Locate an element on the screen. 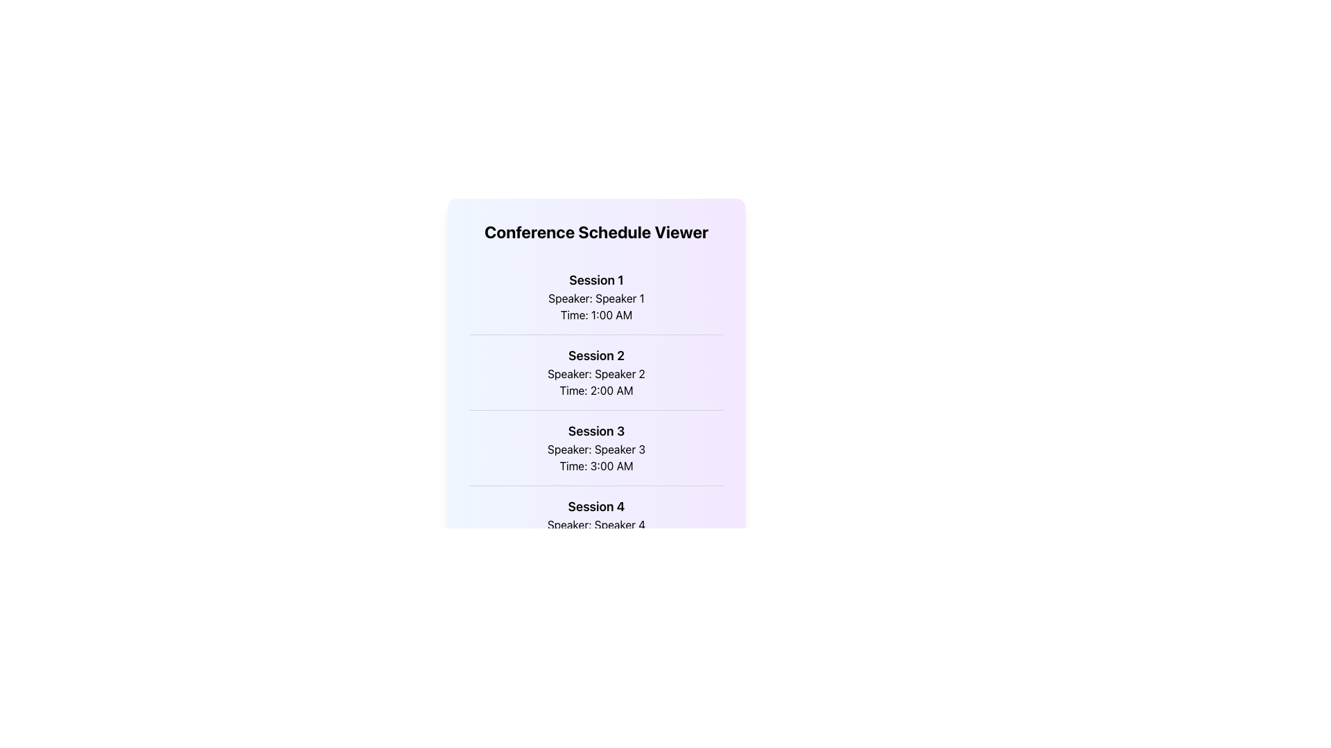 This screenshot has width=1331, height=748. the Text Label that specifies the name of the speaker for the respective session, located between 'Session 1' and 'Time: 1:00 AM' is located at coordinates (596, 298).